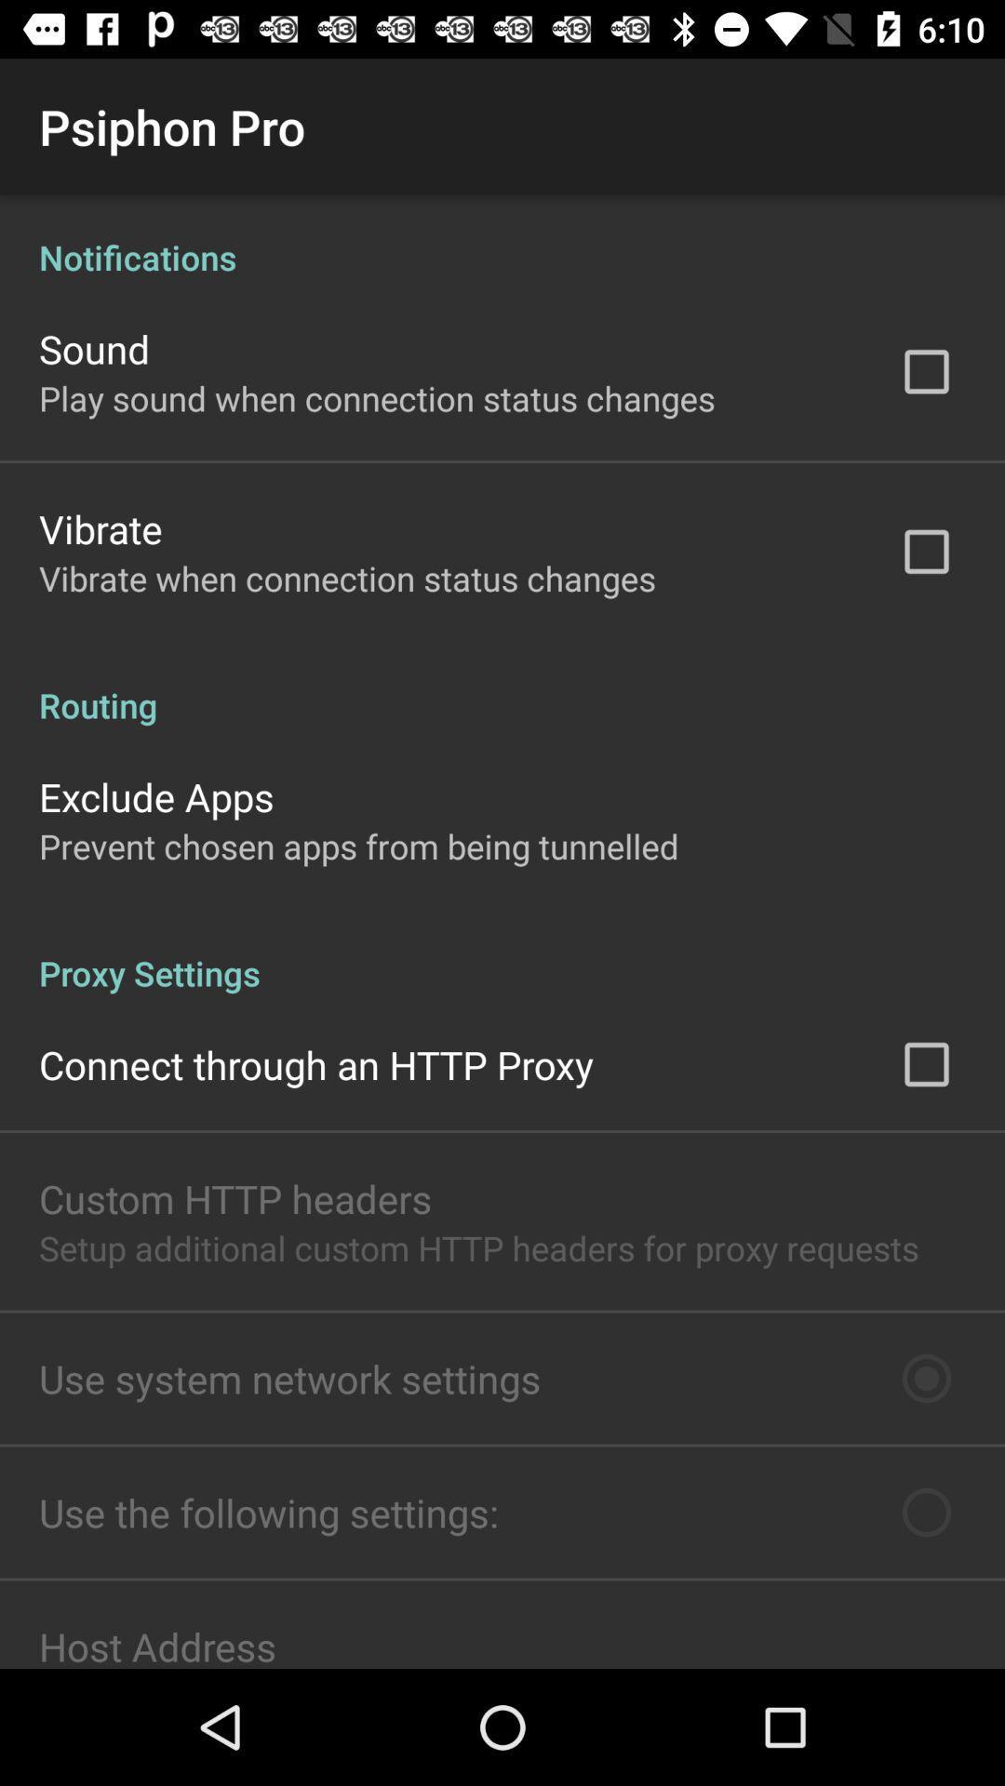 Image resolution: width=1005 pixels, height=1786 pixels. Describe the element at coordinates (377, 397) in the screenshot. I see `icon below sound icon` at that location.